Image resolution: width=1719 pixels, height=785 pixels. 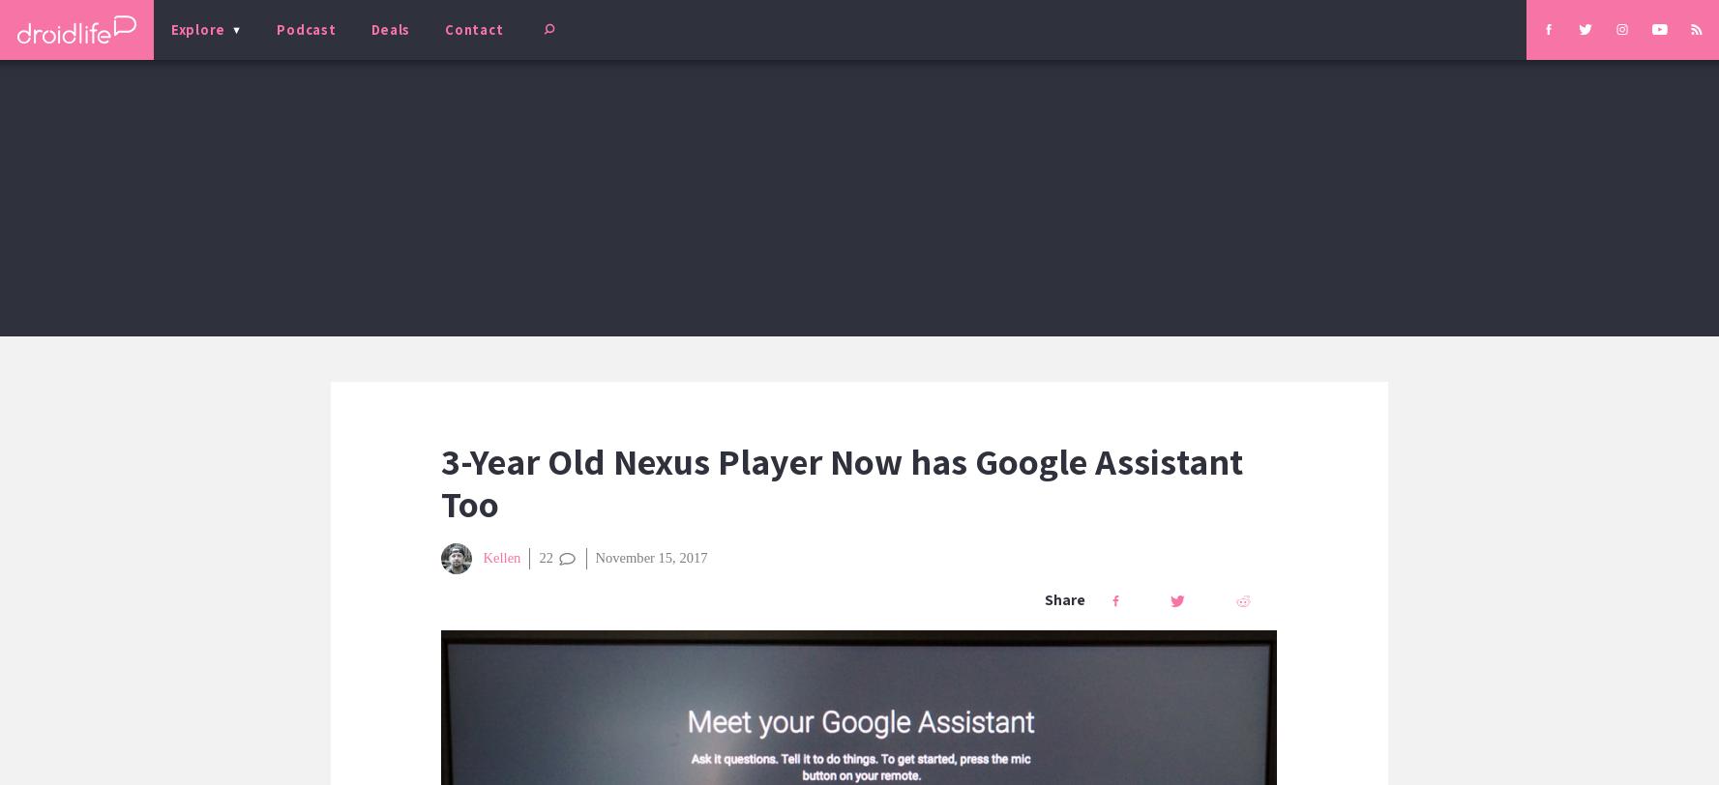 I want to click on 'Explore', so click(x=169, y=29).